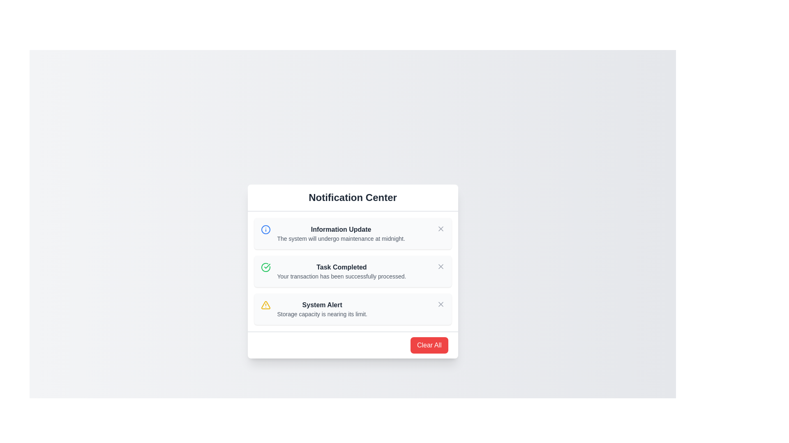 This screenshot has height=443, width=789. I want to click on the small interactive button represented by an 'X' icon located at the top-right corner of the second notification card, so click(440, 267).